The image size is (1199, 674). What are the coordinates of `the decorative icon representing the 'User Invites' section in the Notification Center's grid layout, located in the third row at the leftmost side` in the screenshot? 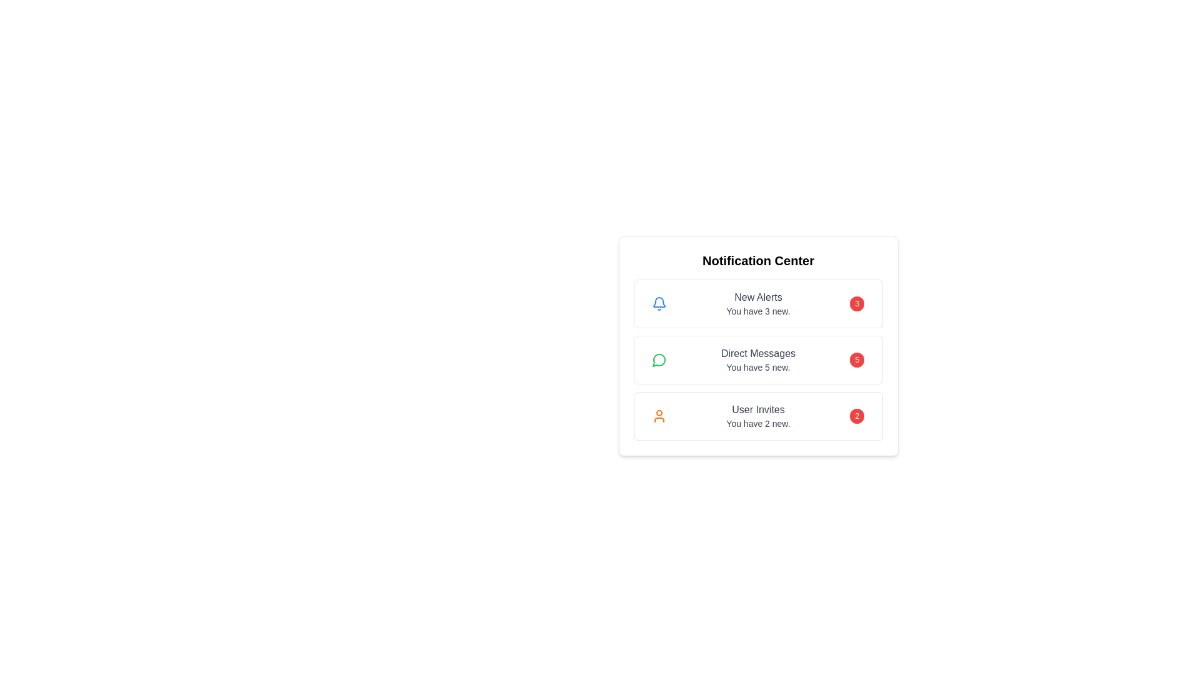 It's located at (659, 416).